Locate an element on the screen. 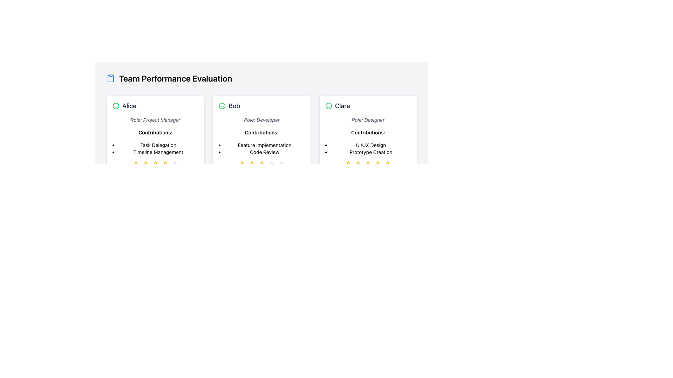  circular smiley icon with a green outline located to the left of the name 'Clara' in the card representing her details is located at coordinates (328, 106).